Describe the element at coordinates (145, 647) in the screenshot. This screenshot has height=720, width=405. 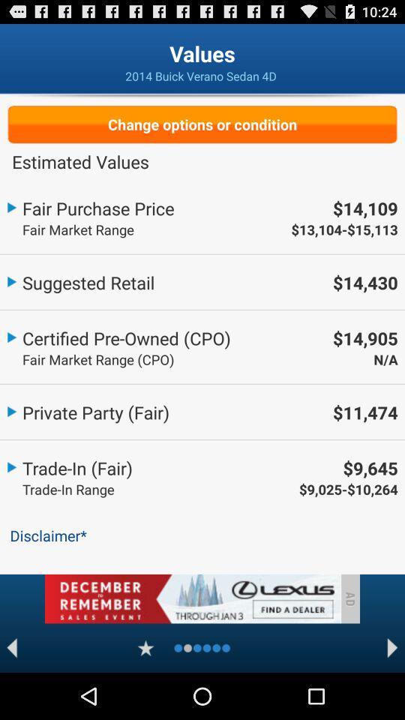
I see `item` at that location.